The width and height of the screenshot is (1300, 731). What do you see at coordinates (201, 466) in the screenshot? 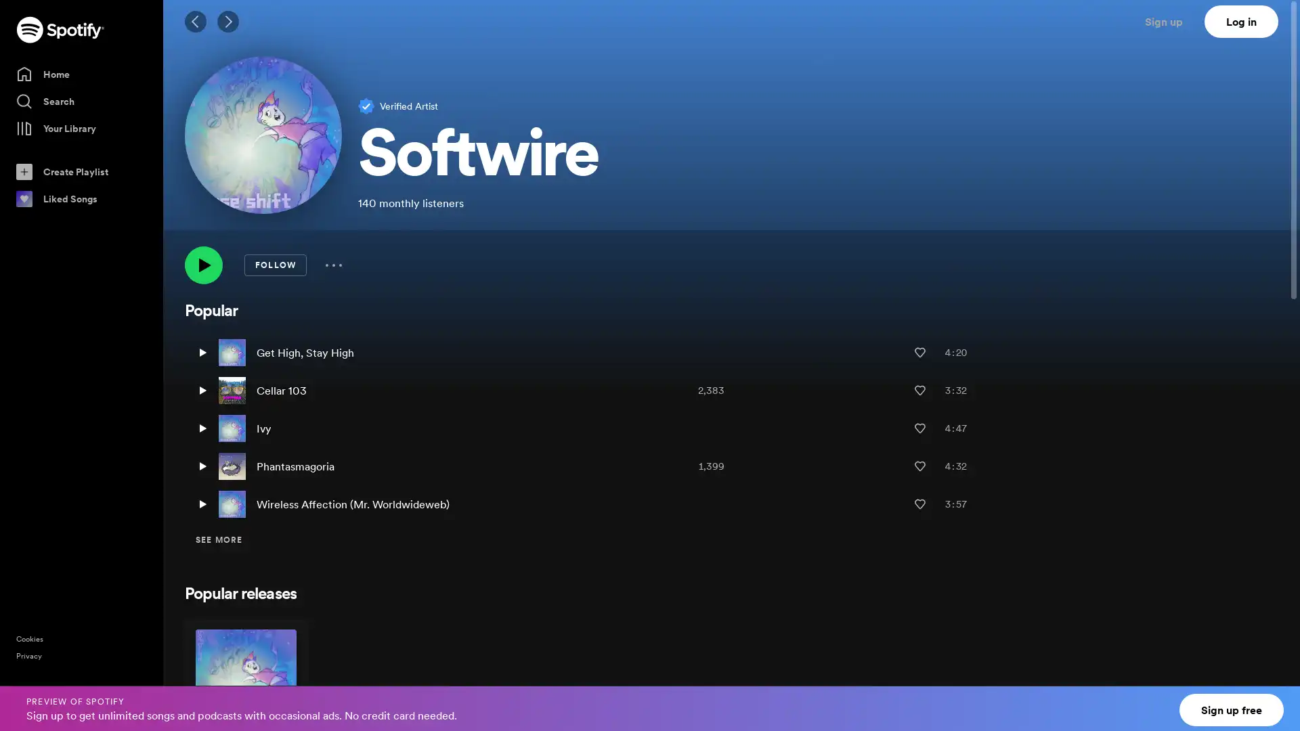
I see `Play Phantasmagoria by Softwire` at bounding box center [201, 466].